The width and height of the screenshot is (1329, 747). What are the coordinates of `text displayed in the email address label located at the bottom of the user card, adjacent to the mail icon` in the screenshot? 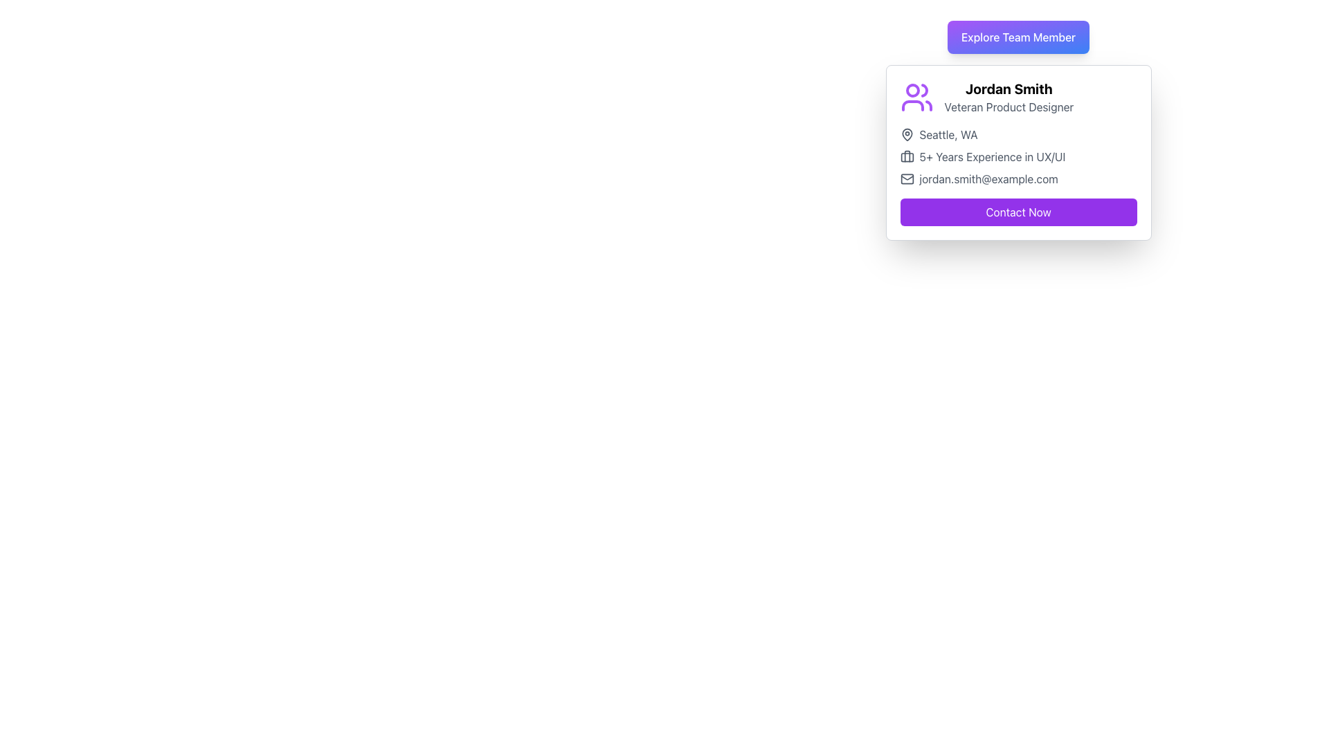 It's located at (988, 178).